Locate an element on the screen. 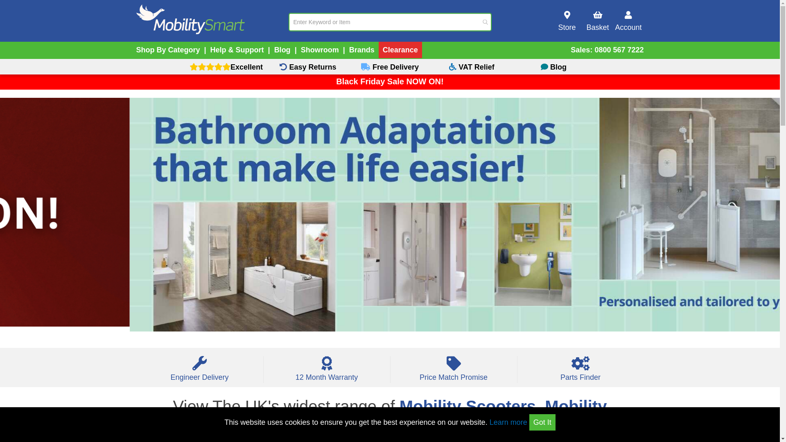  'Excellent' is located at coordinates (226, 66).